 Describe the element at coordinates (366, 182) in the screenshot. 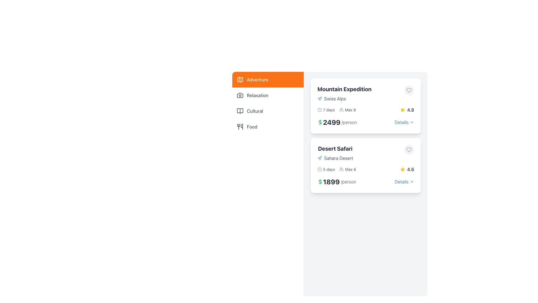

I see `price information displayed in bold font on the 'Desert Safari' card, located to the left of the 'Details' button` at that location.